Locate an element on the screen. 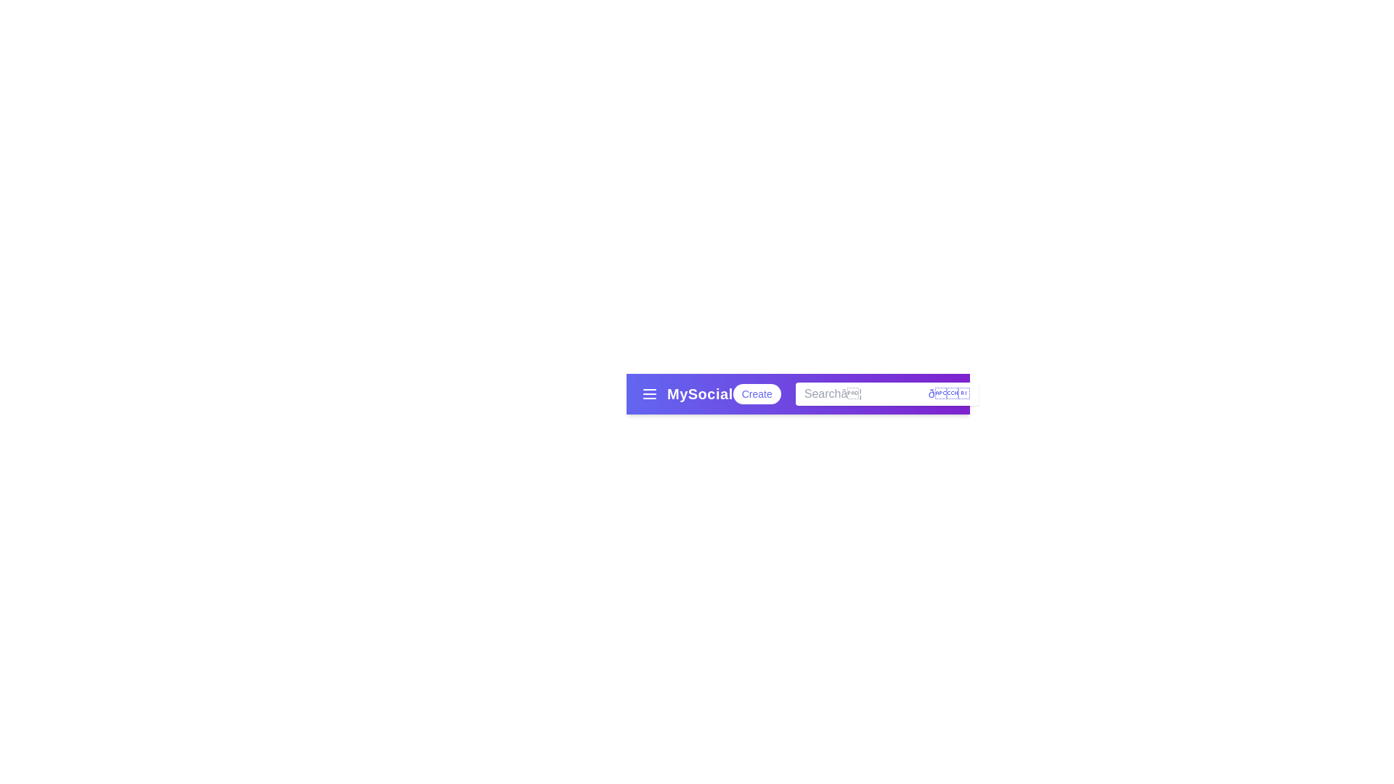  the Instagram icon to navigate to the Instagram page is located at coordinates (1000, 394).